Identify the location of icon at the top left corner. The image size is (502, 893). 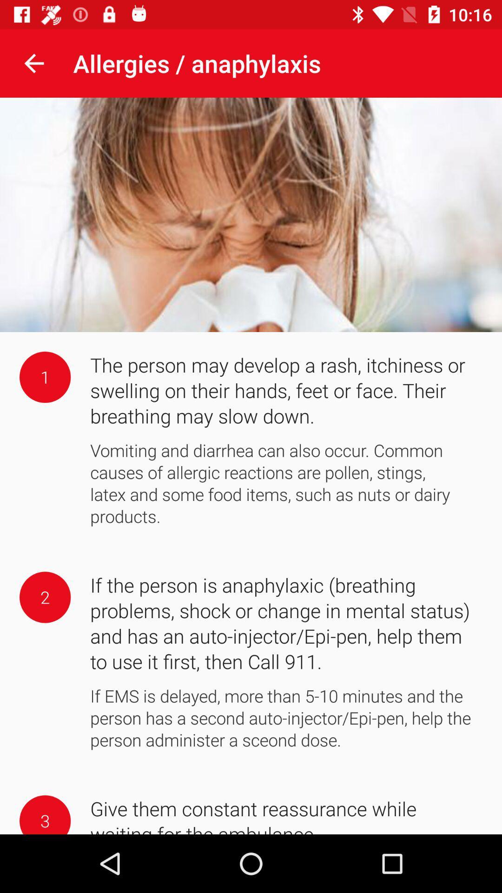
(33, 63).